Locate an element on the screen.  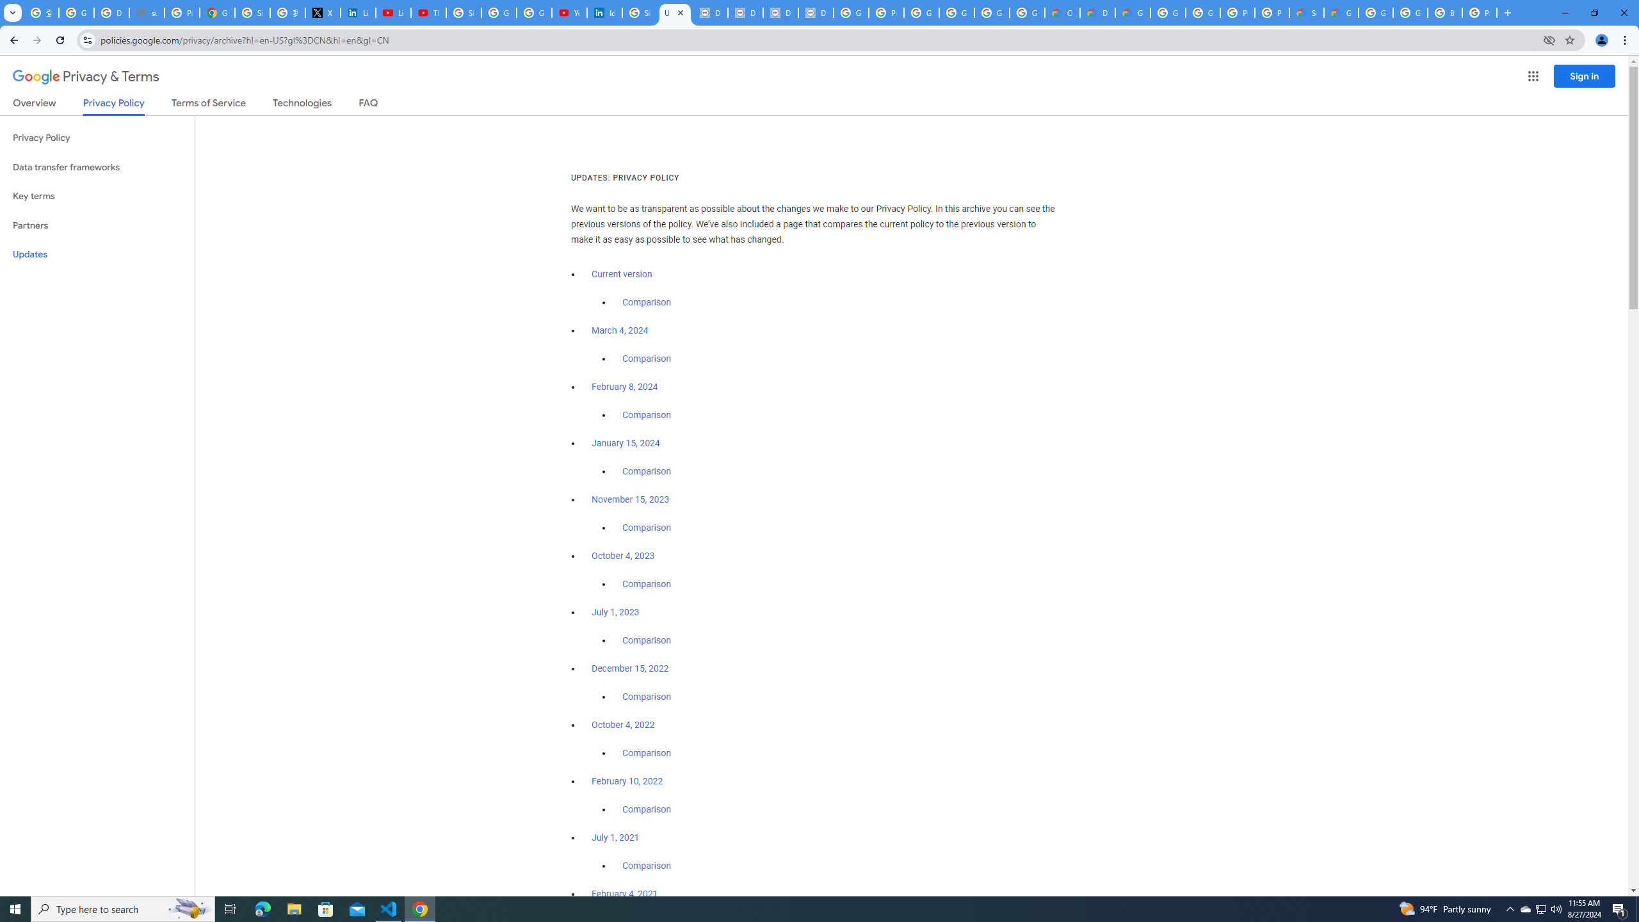
'December 15, 2022' is located at coordinates (629, 668).